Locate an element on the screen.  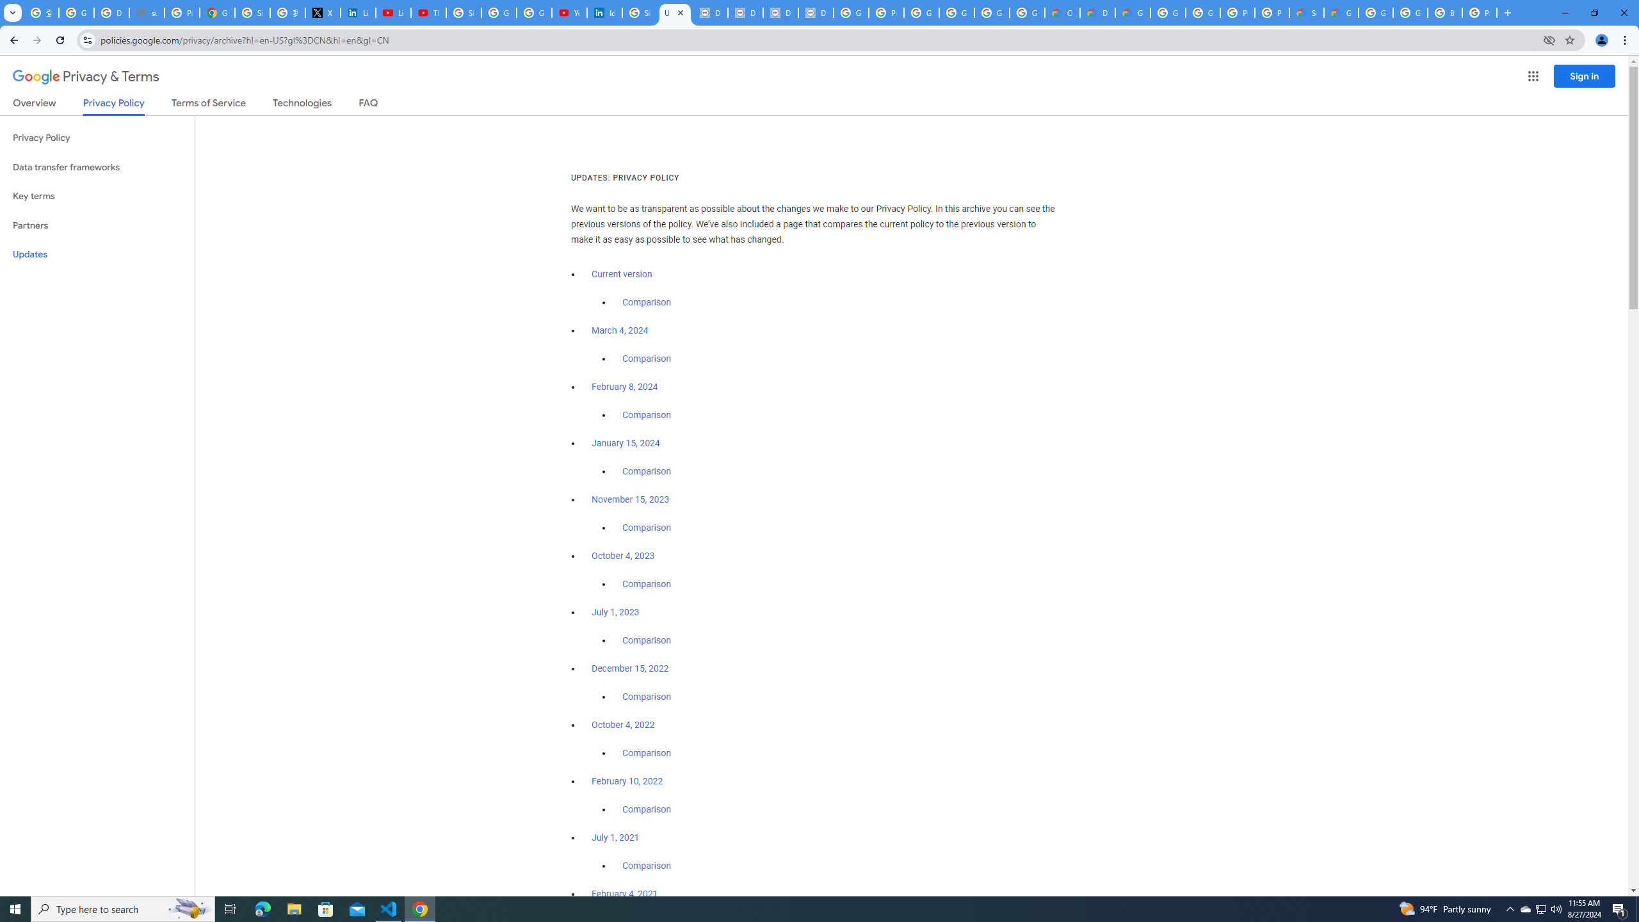
'December 15, 2022' is located at coordinates (629, 668).